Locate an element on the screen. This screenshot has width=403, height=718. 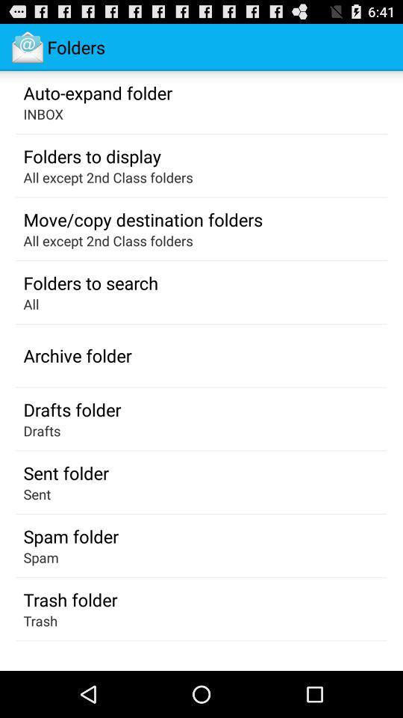
move copy destination app is located at coordinates (143, 218).